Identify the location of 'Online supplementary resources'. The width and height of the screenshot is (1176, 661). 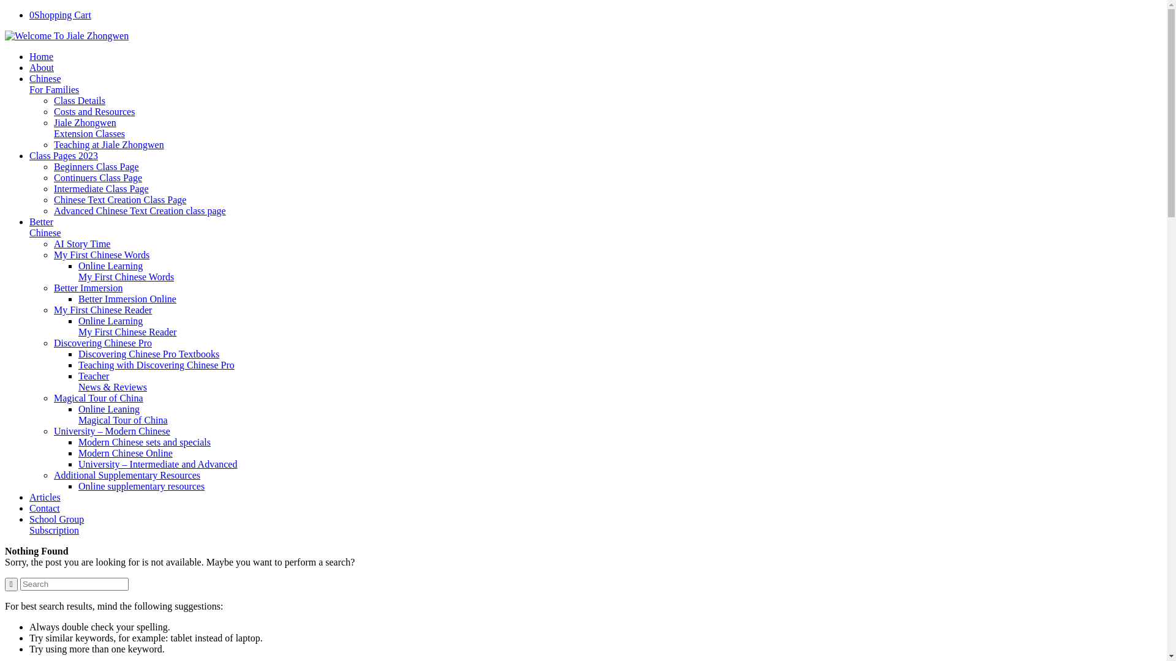
(141, 485).